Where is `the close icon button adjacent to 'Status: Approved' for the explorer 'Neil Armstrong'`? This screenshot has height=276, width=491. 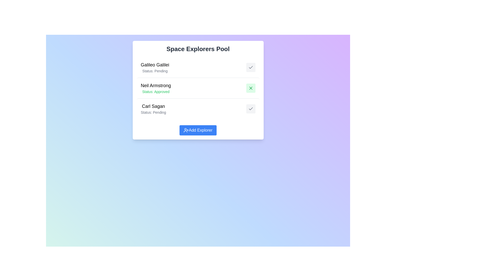
the close icon button adjacent to 'Status: Approved' for the explorer 'Neil Armstrong' is located at coordinates (251, 88).